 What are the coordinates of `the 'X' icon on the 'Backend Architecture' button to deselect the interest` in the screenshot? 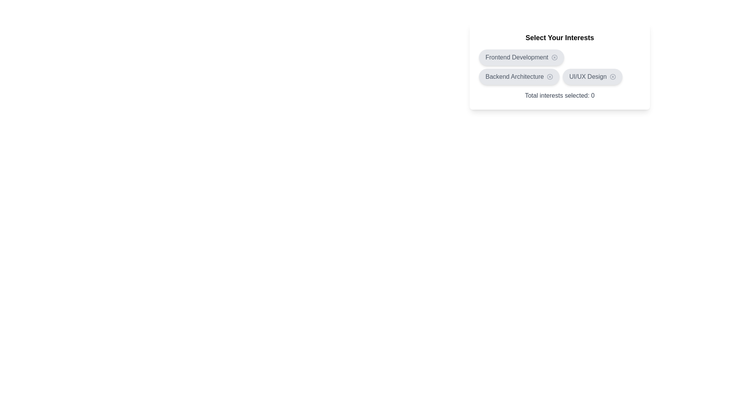 It's located at (519, 77).